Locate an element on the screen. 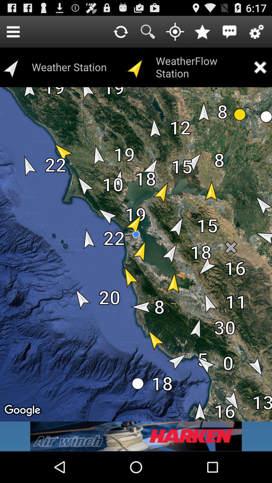  refresh the screen is located at coordinates (121, 31).